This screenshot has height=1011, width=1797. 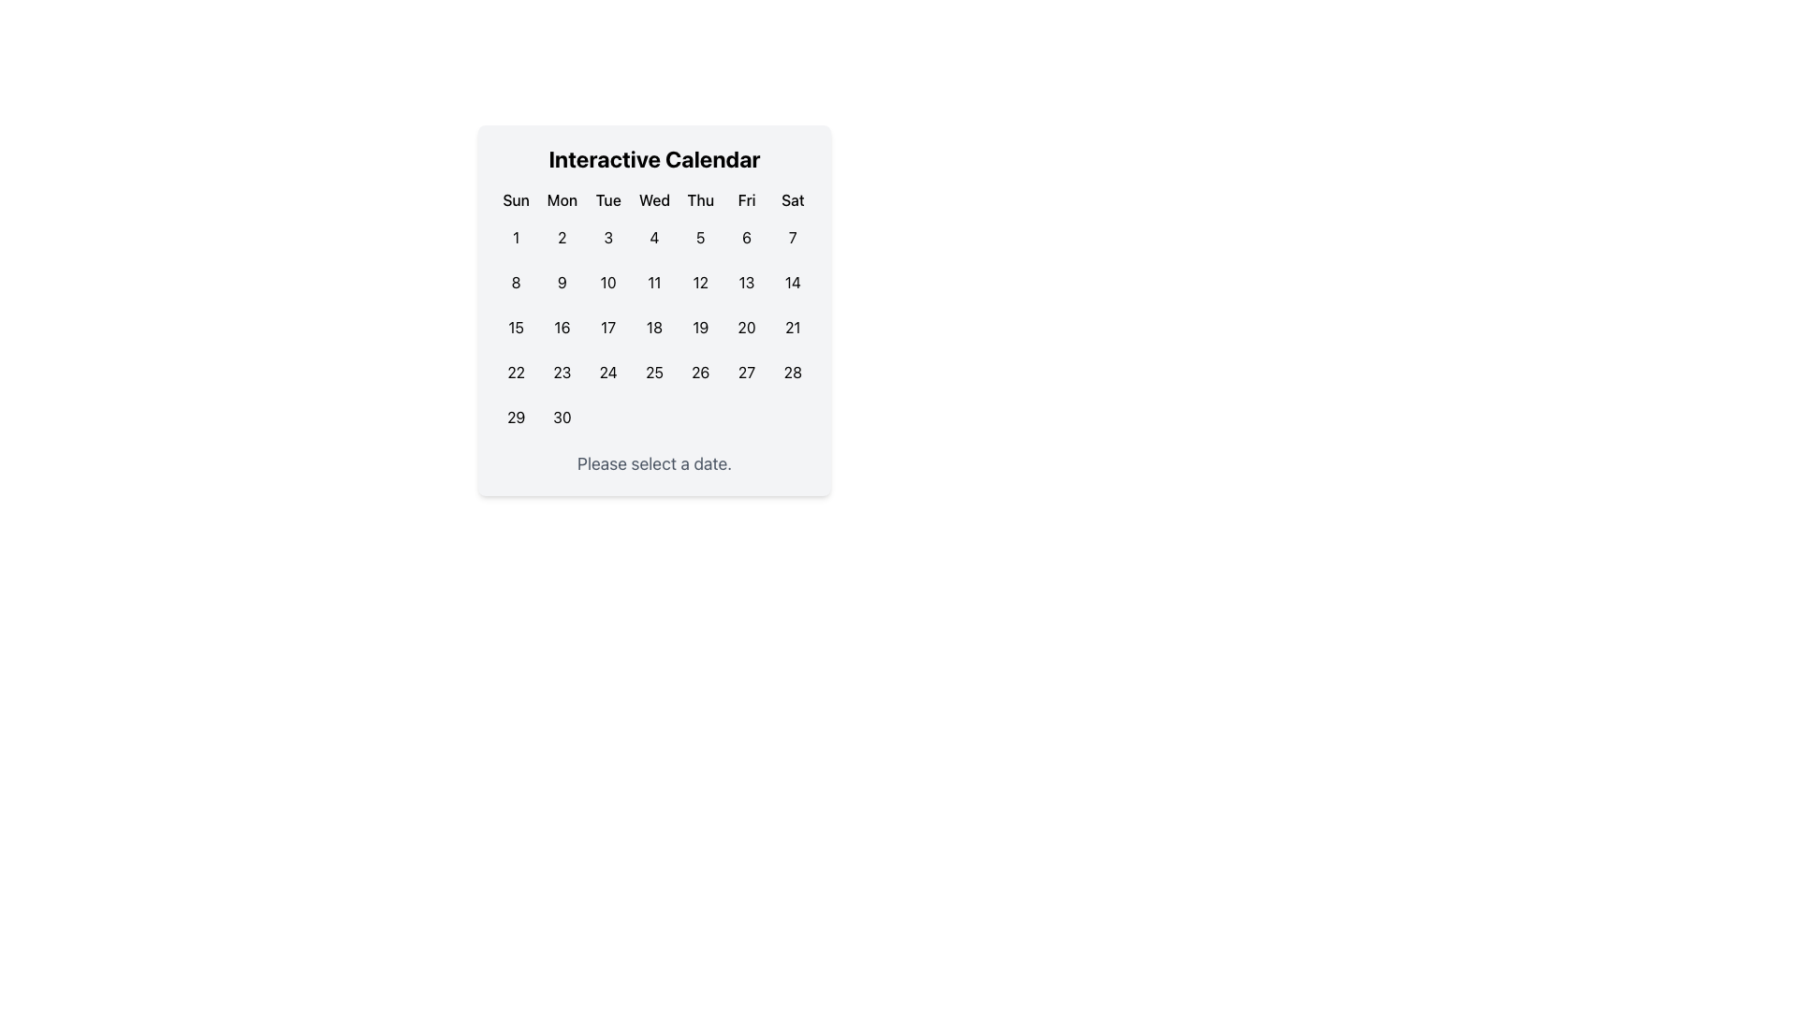 What do you see at coordinates (654, 309) in the screenshot?
I see `the Interactive Calendar Component` at bounding box center [654, 309].